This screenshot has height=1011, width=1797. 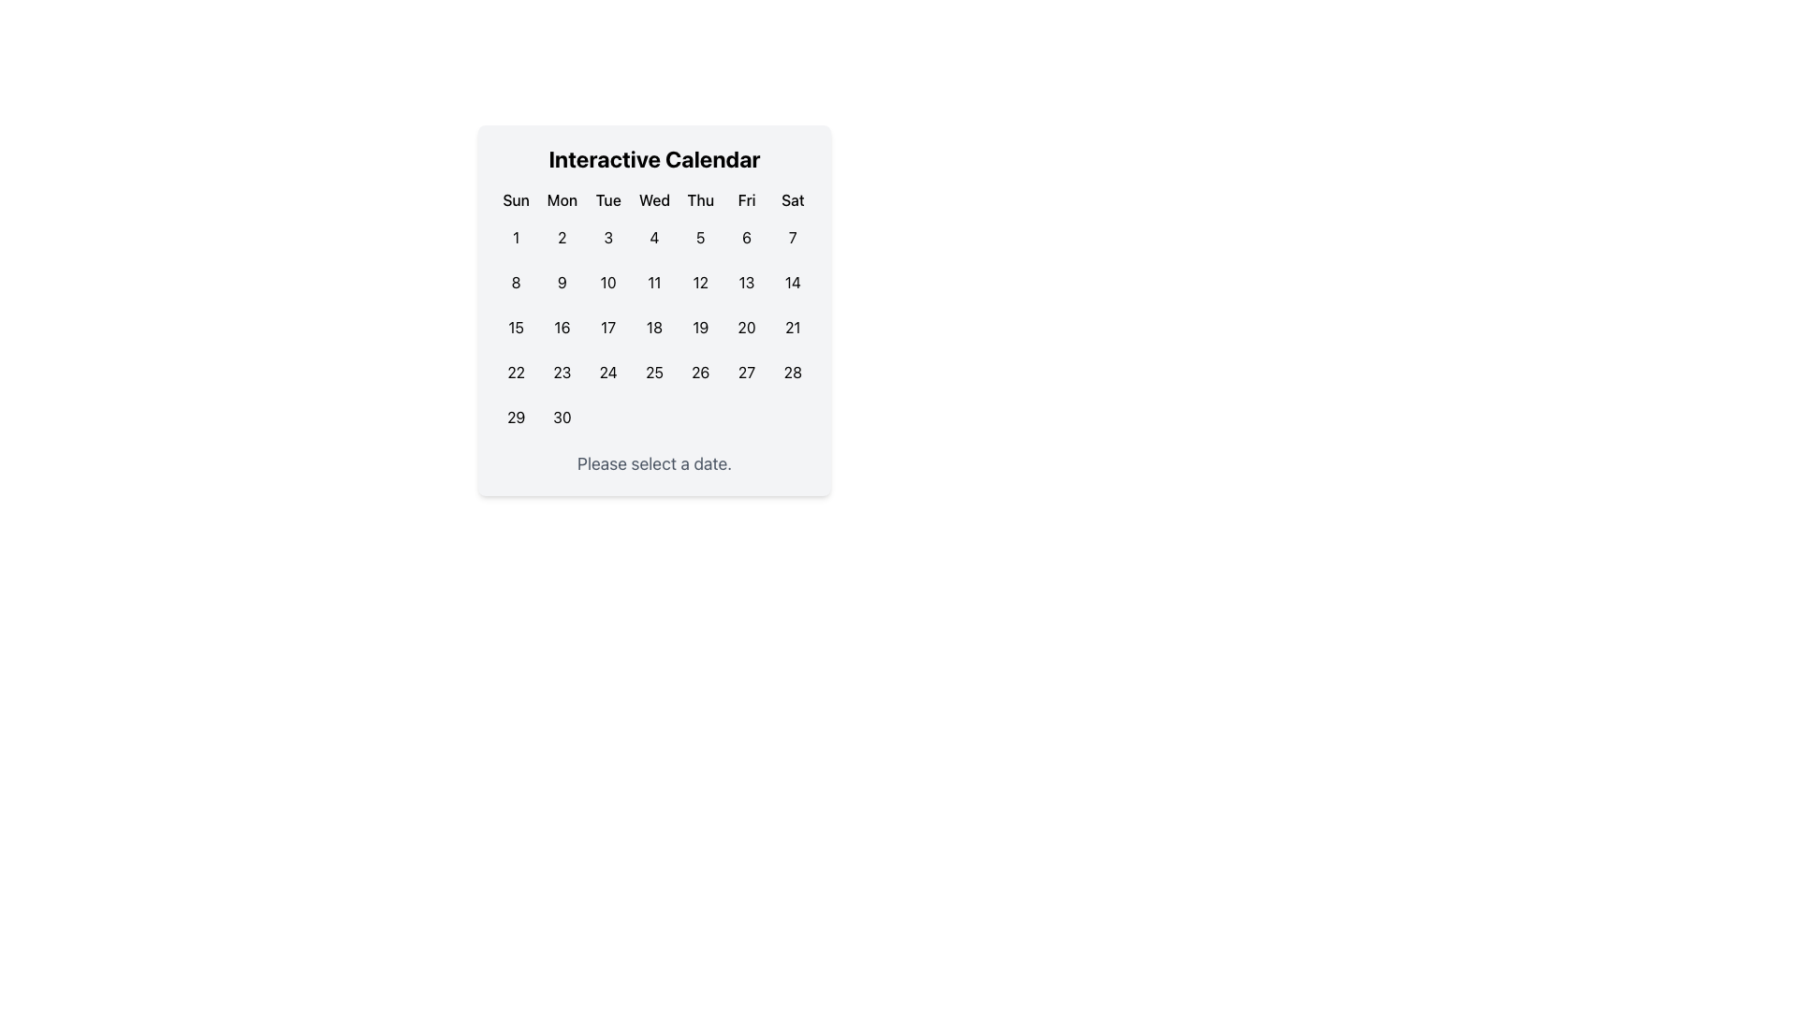 What do you see at coordinates (654, 309) in the screenshot?
I see `the Interactive Calendar Component` at bounding box center [654, 309].